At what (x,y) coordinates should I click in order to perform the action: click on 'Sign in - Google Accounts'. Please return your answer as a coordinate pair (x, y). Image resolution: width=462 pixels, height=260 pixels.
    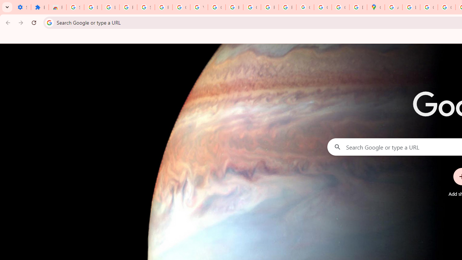
    Looking at the image, I should click on (75, 7).